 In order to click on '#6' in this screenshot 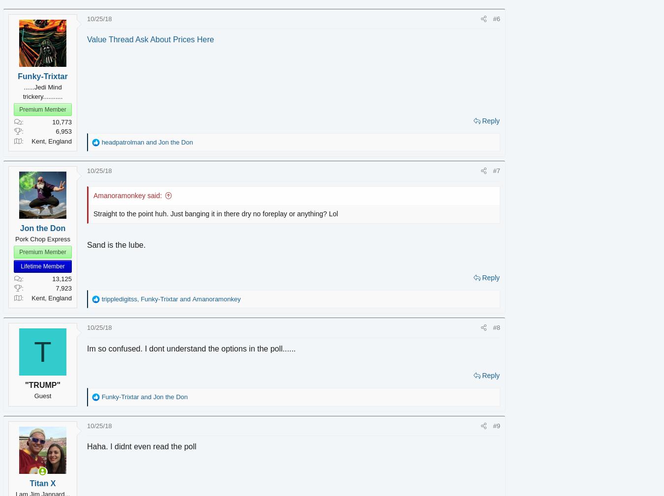, I will do `click(482, 18)`.